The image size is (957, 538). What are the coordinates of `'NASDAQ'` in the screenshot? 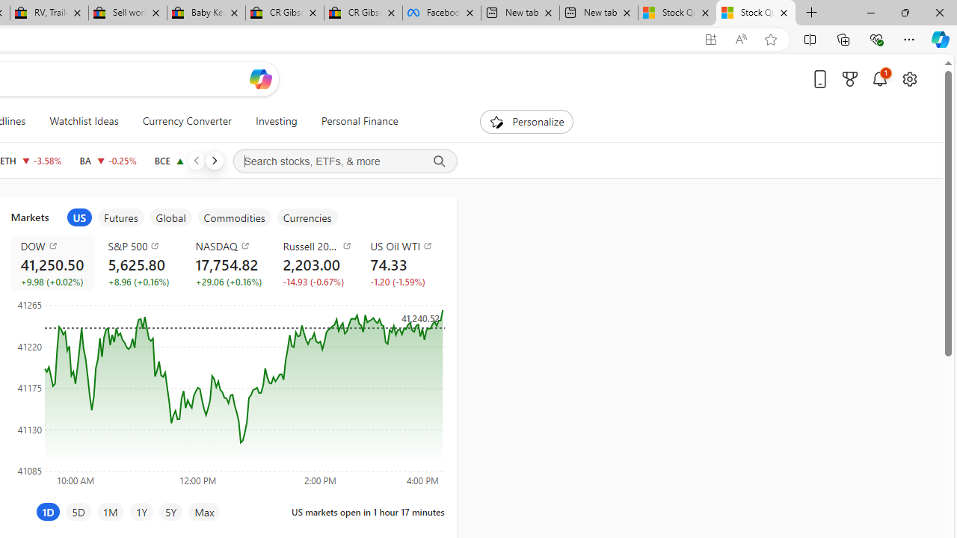 It's located at (229, 245).